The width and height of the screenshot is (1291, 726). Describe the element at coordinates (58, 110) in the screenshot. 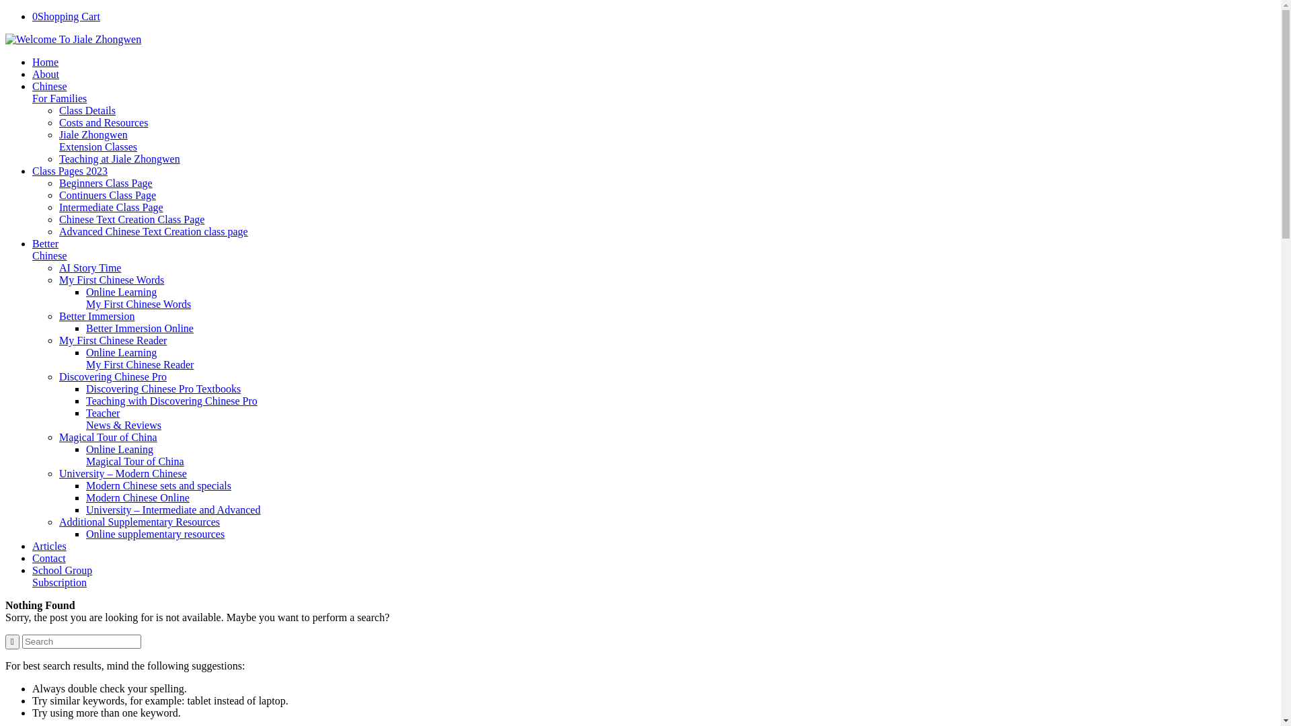

I see `'Class Details'` at that location.